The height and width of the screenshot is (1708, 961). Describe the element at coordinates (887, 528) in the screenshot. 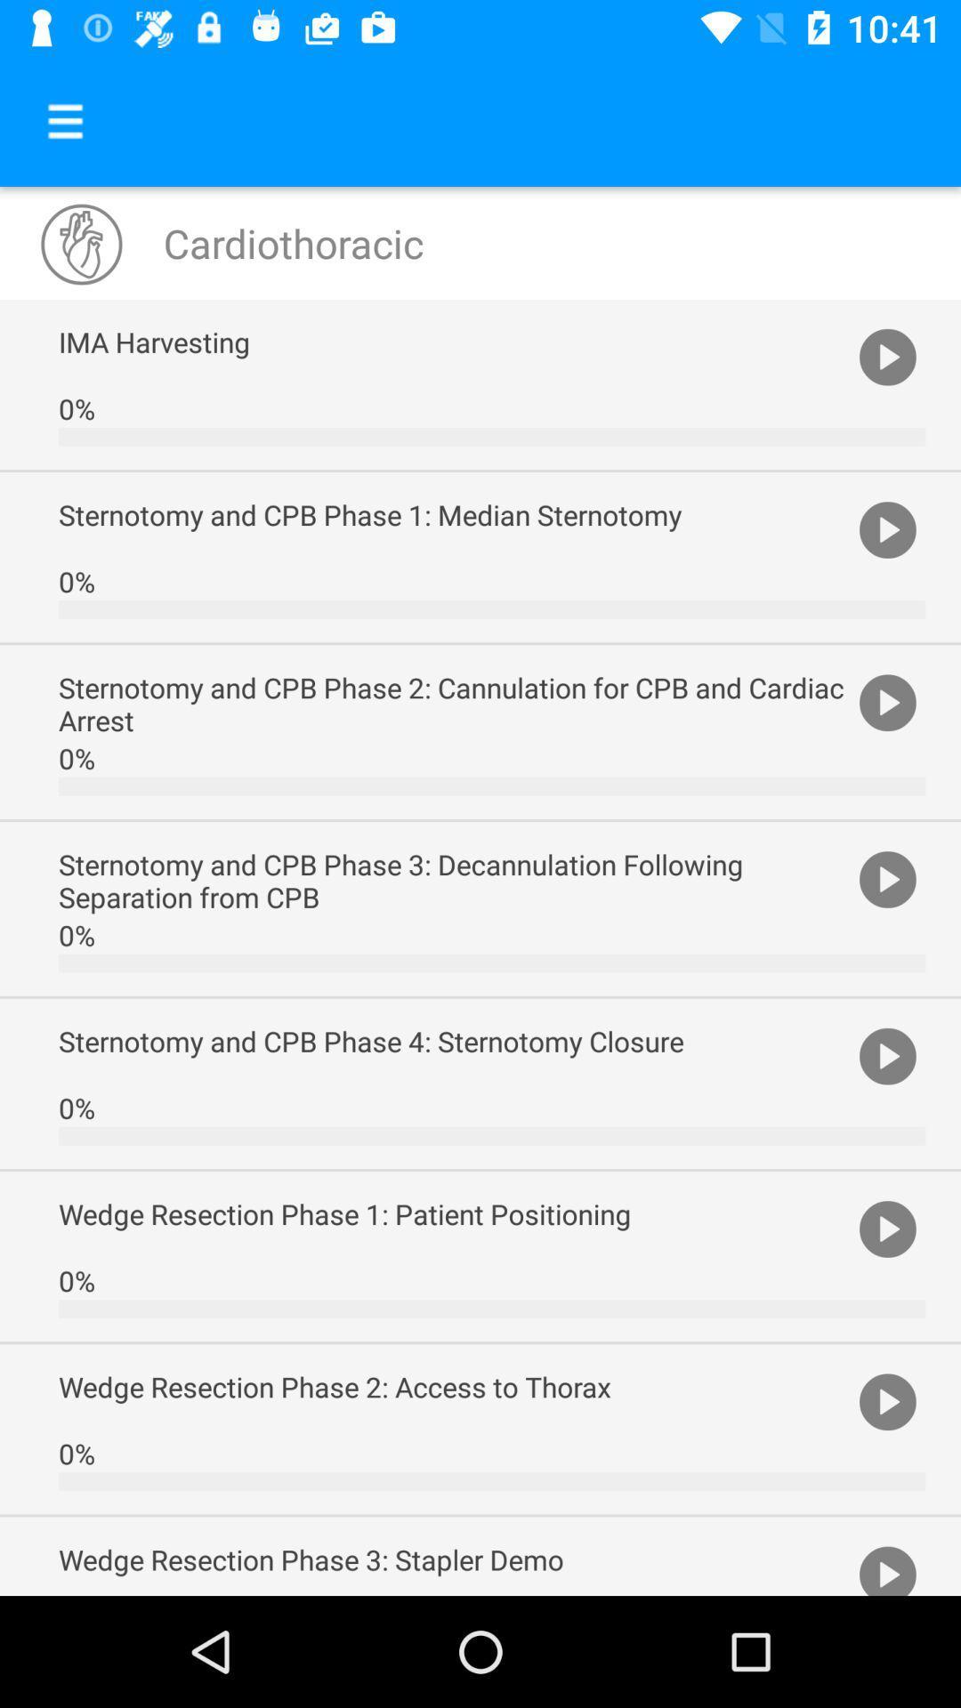

I see `item to the right of sternotomy and cpb` at that location.